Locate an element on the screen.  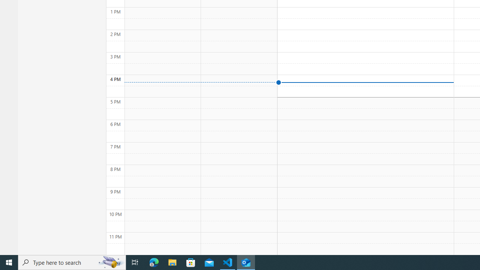
'Outlook (new) - 1 running window' is located at coordinates (246, 262).